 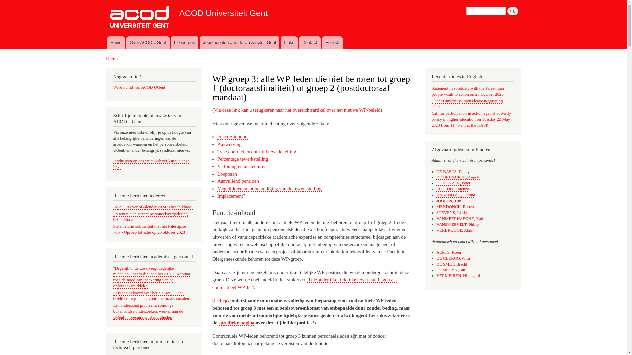 I want to click on 'Ghent University unions leave negotiating table', so click(x=467, y=104).